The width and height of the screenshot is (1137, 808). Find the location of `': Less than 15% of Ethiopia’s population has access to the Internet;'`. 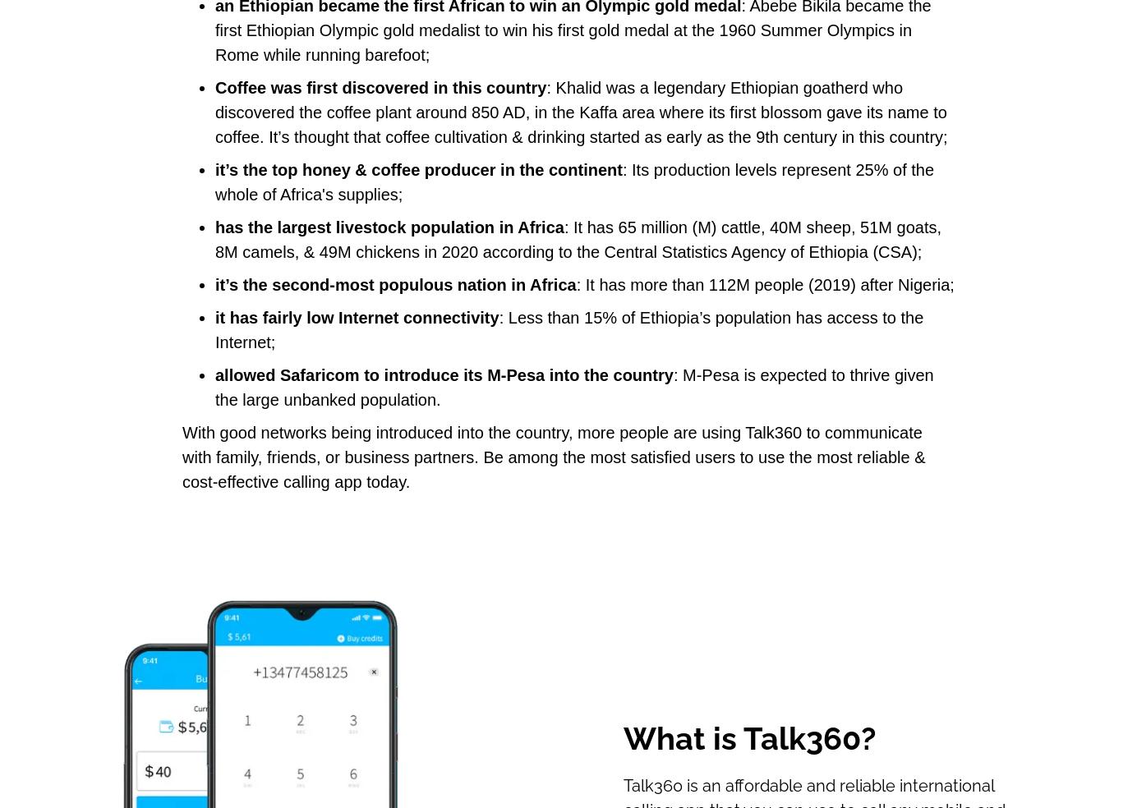

': Less than 15% of Ethiopia’s population has access to the Internet;' is located at coordinates (214, 329).